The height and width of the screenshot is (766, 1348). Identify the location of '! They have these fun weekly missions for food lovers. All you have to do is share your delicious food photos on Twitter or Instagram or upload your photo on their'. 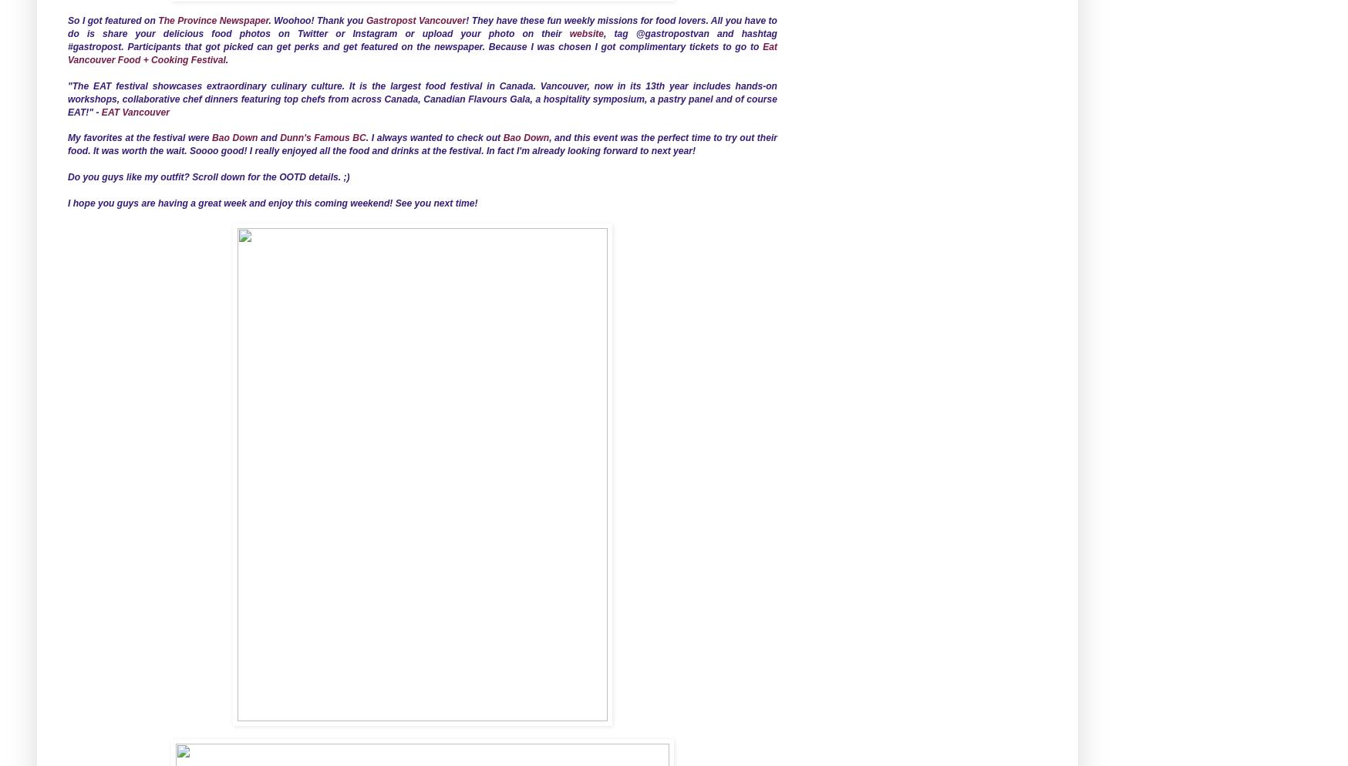
(422, 27).